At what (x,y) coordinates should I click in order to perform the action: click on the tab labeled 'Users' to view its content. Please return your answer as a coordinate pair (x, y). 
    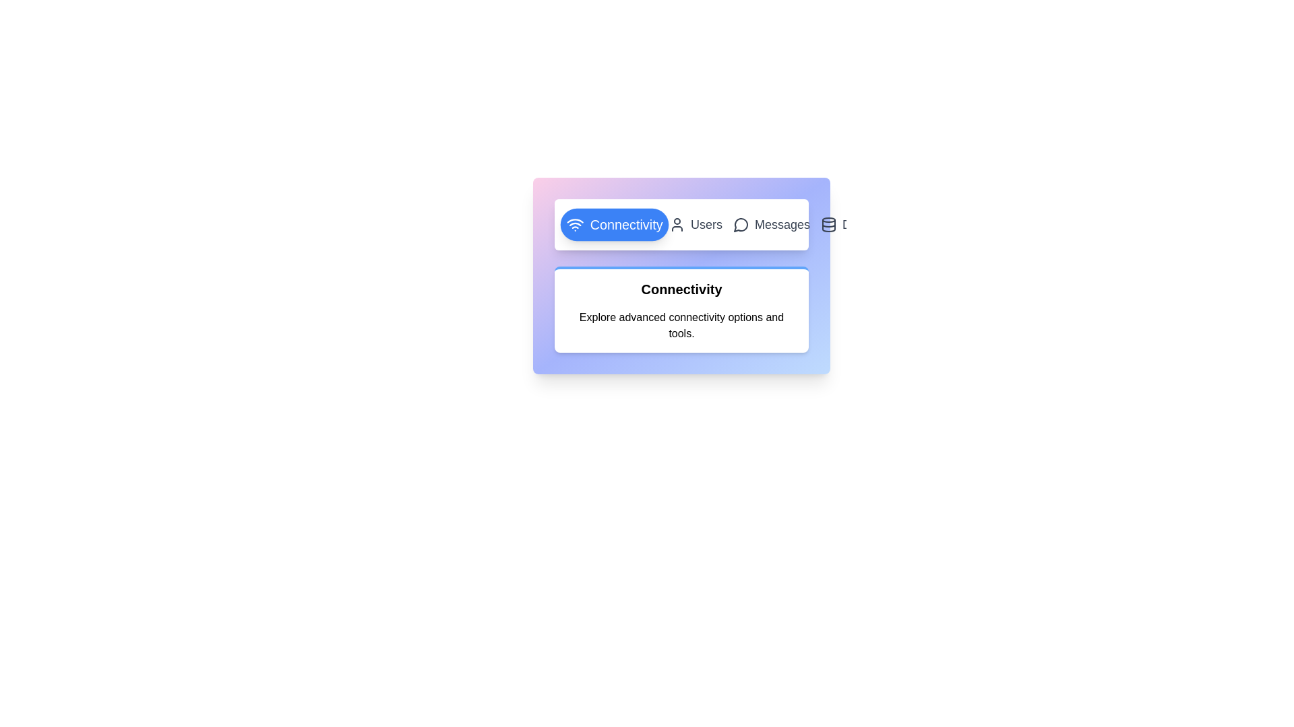
    Looking at the image, I should click on (696, 224).